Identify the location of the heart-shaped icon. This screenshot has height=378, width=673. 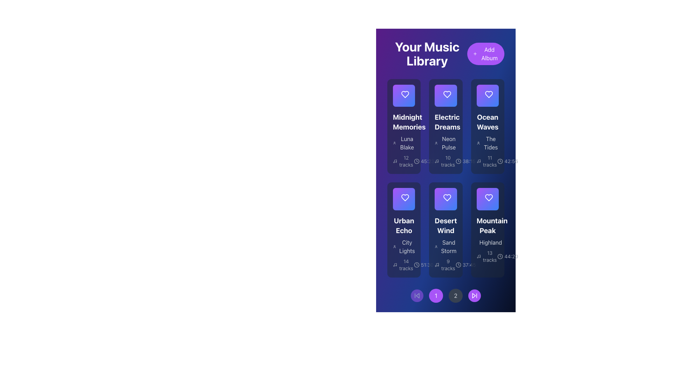
(489, 197).